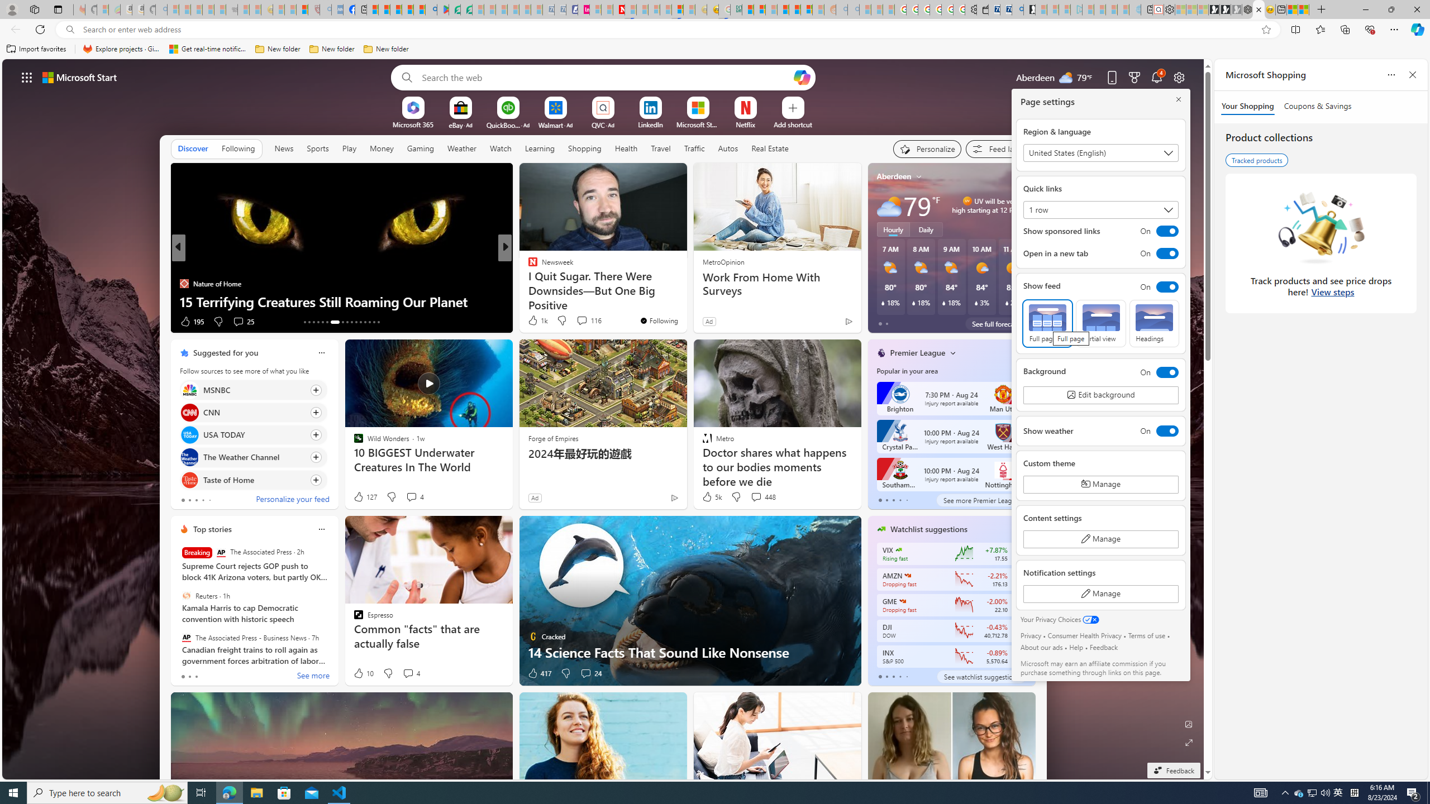 The height and width of the screenshot is (804, 1430). I want to click on 'Microsoft Word - consumer-privacy address update 2.2021', so click(466, 9).